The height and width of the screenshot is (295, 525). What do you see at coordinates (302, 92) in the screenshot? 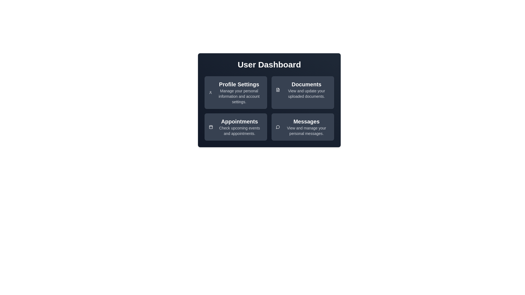
I see `the card titled 'Documents'` at bounding box center [302, 92].